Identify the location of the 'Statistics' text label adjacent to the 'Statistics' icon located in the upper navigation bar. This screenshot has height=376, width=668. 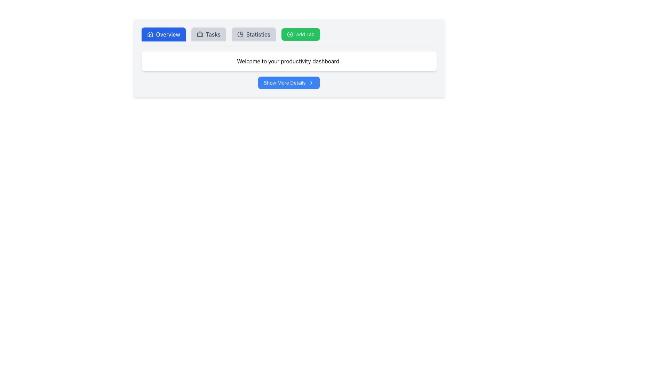
(240, 34).